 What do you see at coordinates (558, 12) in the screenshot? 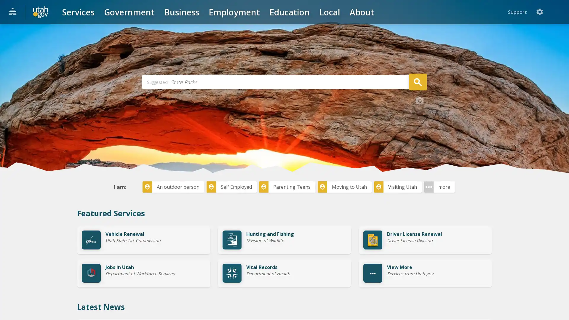
I see `Site Settings` at bounding box center [558, 12].